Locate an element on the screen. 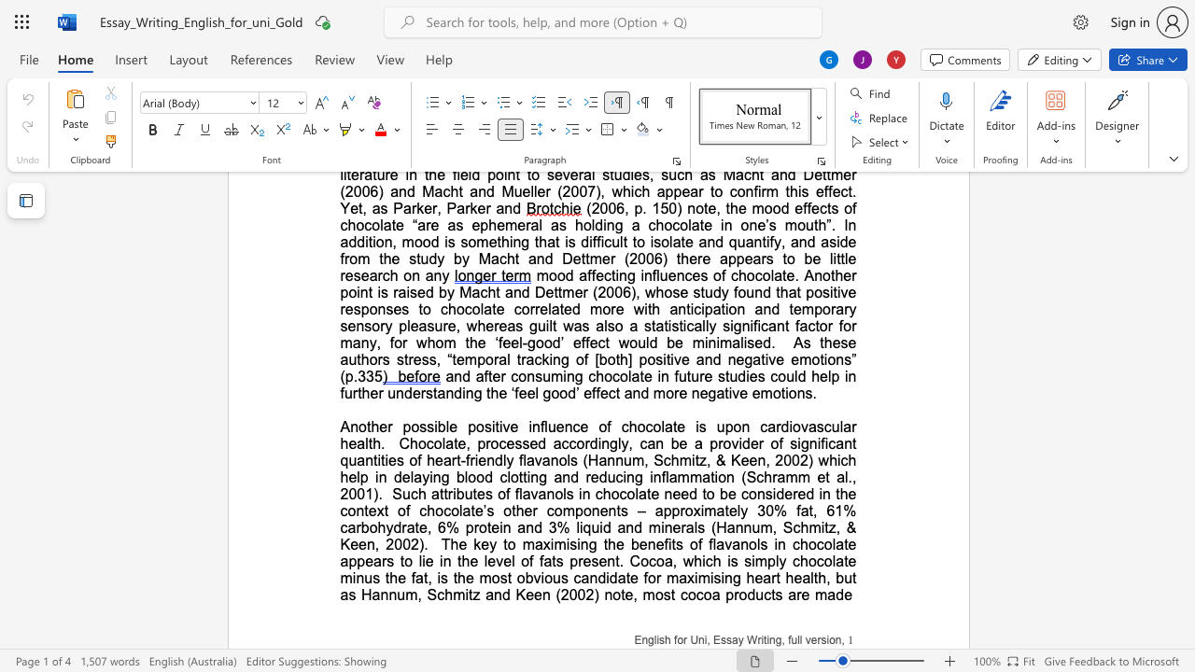 This screenshot has height=672, width=1195. the 3th character "e" in the text is located at coordinates (514, 427).